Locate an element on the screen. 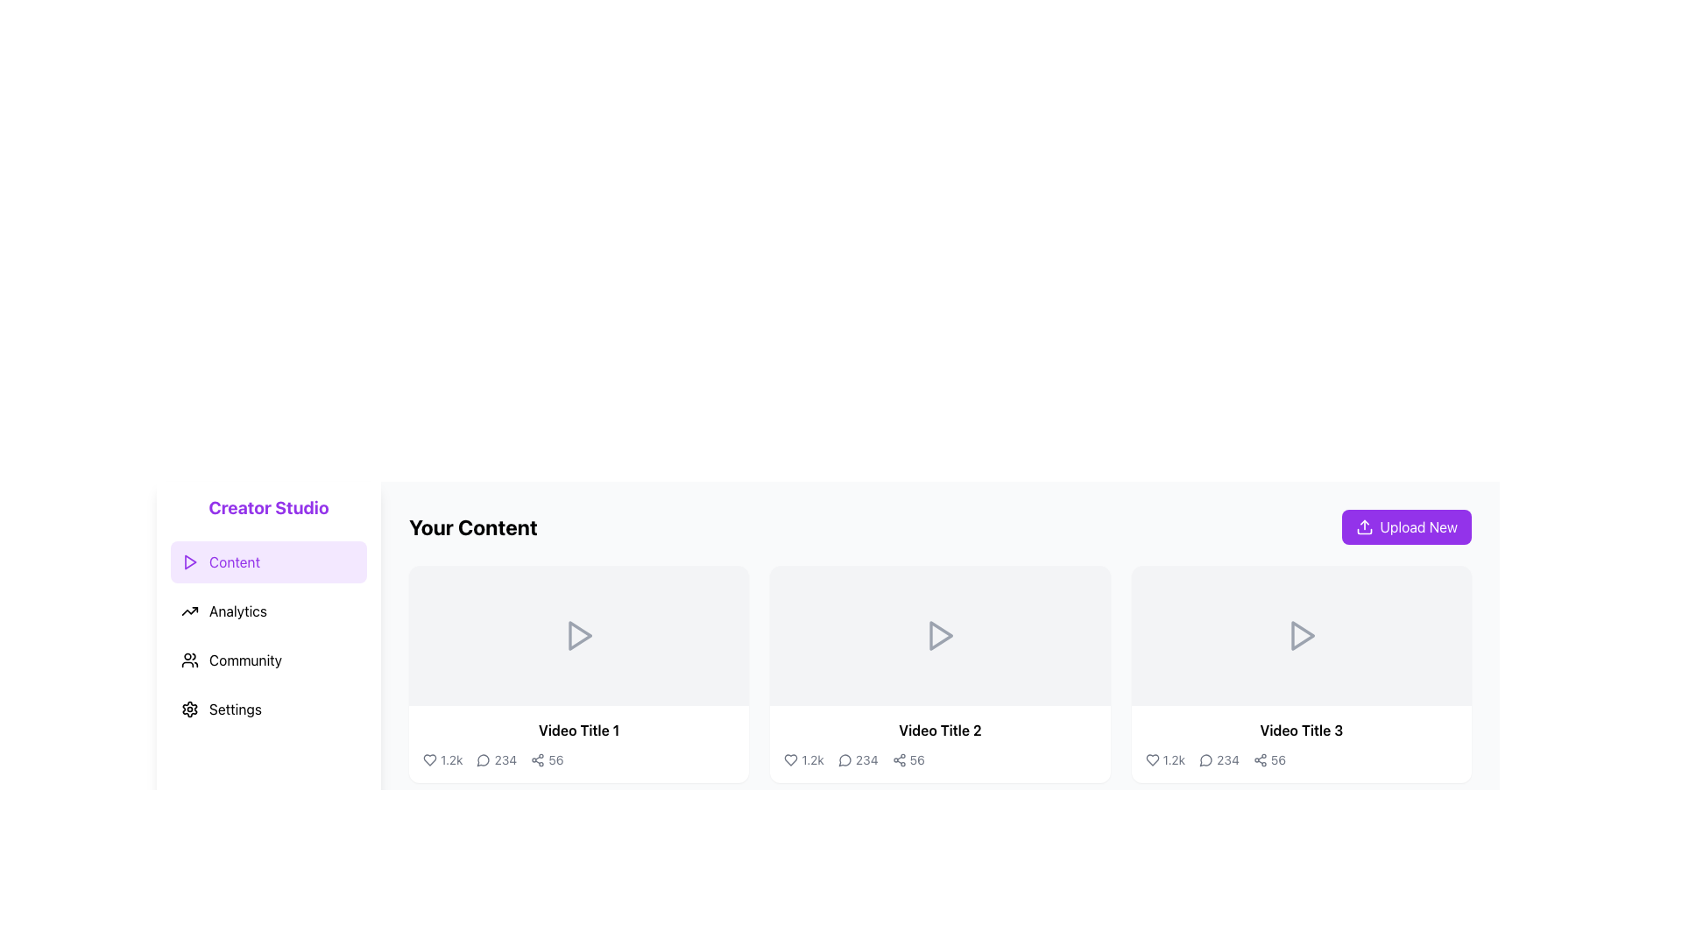 Image resolution: width=1682 pixels, height=946 pixels. the heart-shaped like button with a hollow design is located at coordinates (1152, 759).